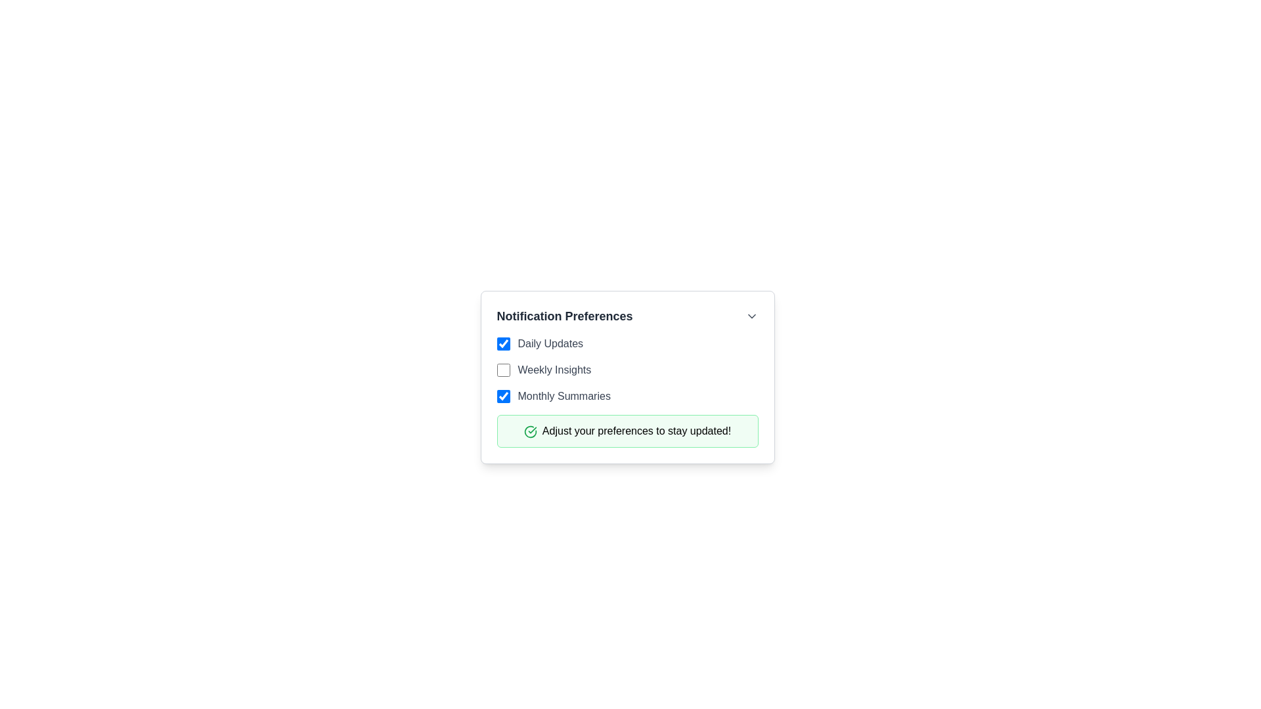 The width and height of the screenshot is (1261, 709). Describe the element at coordinates (564, 396) in the screenshot. I see `the 'Monthly Summaries' text label, which is positioned directly to the right of its corresponding checkbox in the notification preferences list` at that location.